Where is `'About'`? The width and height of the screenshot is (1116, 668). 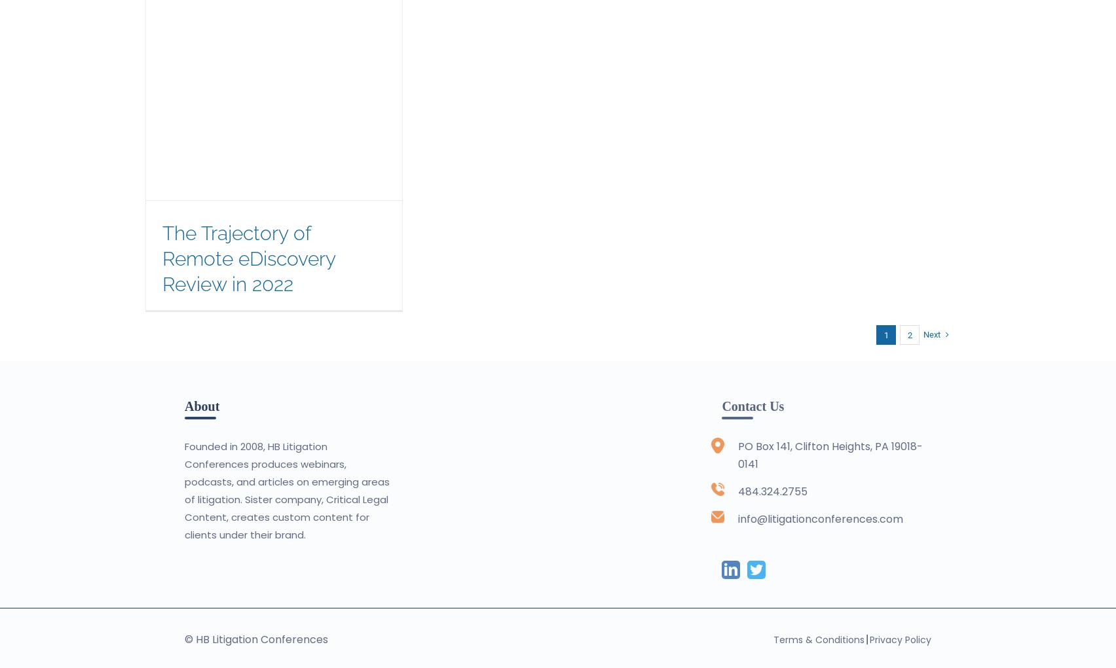 'About' is located at coordinates (201, 406).